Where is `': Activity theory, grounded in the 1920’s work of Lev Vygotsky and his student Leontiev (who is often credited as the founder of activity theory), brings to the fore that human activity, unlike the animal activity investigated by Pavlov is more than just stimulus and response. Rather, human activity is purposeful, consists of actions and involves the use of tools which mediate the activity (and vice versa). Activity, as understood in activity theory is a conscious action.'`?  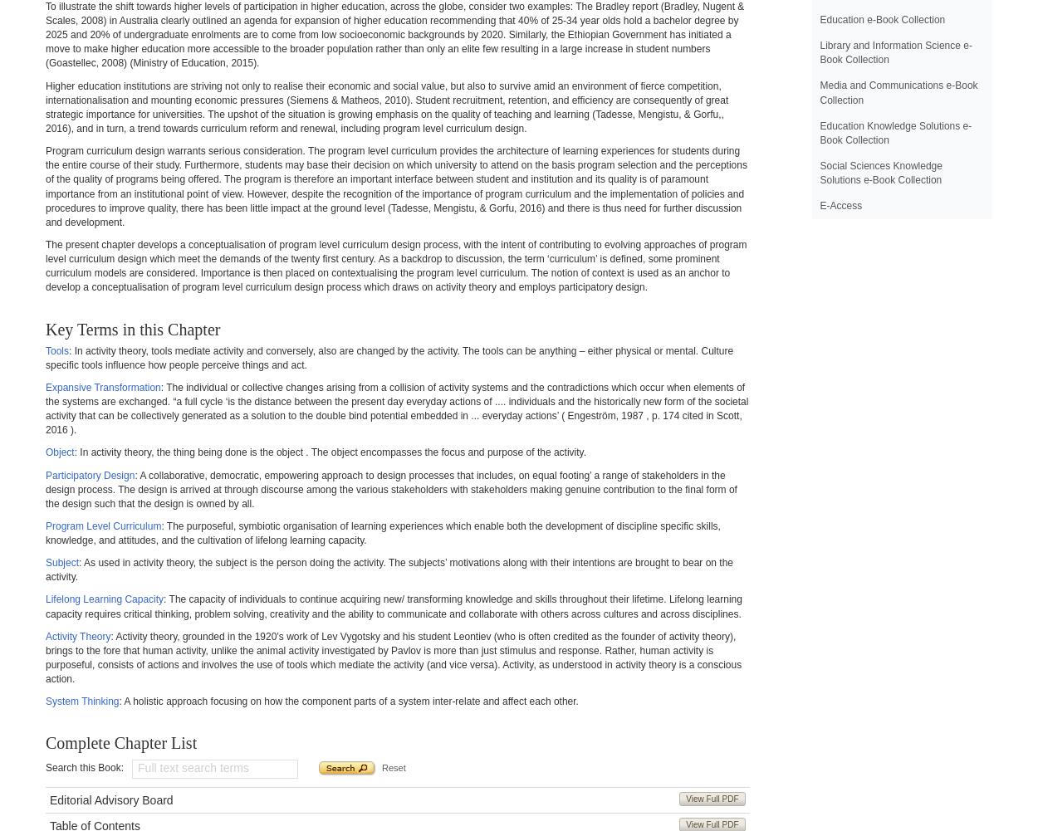 ': Activity theory, grounded in the 1920’s work of Lev Vygotsky and his student Leontiev (who is often credited as the founder of activity theory), brings to the fore that human activity, unlike the animal activity investigated by Pavlov is more than just stimulus and response. Rather, human activity is purposeful, consists of actions and involves the use of tools which mediate the activity (and vice versa). Activity, as understood in activity theory is a conscious action.' is located at coordinates (393, 656).